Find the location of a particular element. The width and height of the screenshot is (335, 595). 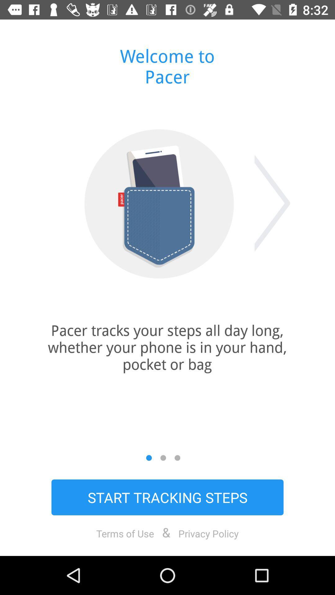

the item to the left of & is located at coordinates (125, 533).